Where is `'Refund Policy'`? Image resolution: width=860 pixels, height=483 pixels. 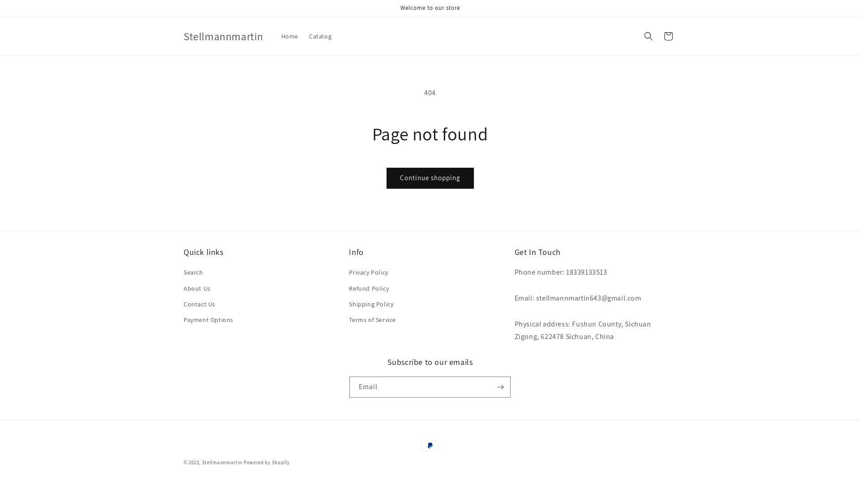
'Refund Policy' is located at coordinates (369, 288).